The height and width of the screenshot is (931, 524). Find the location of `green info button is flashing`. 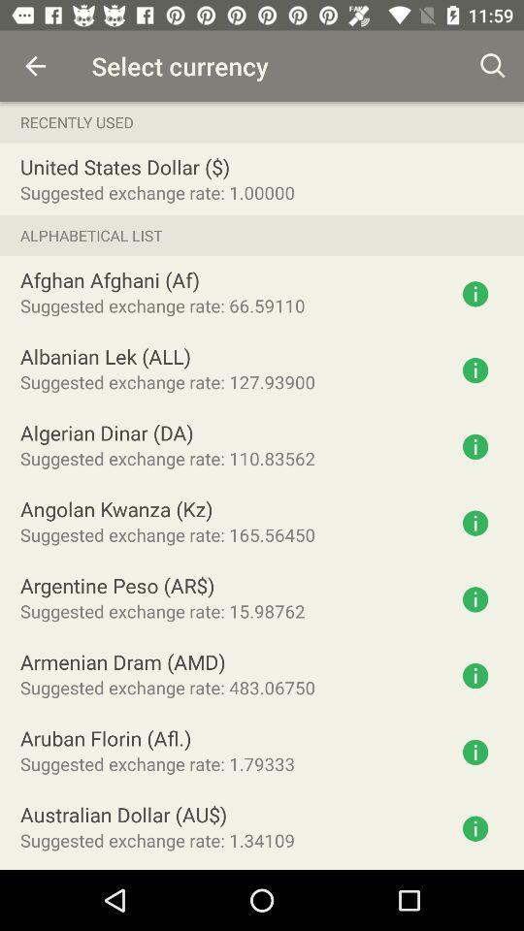

green info button is flashing is located at coordinates (475, 751).